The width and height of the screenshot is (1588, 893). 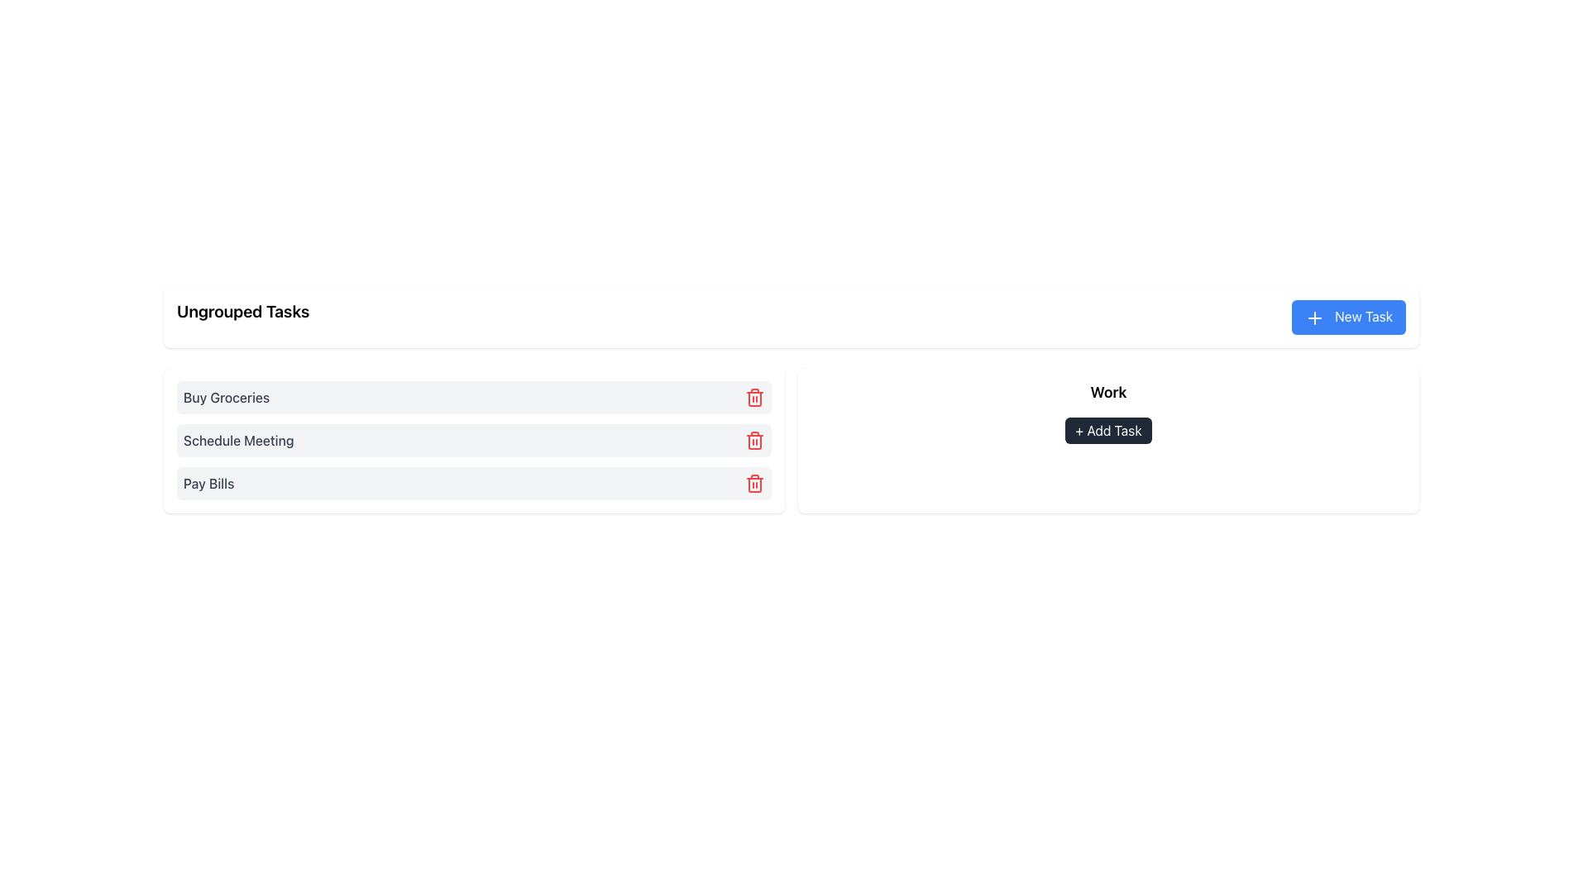 What do you see at coordinates (1313, 318) in the screenshot?
I see `the plus icon located inside the blue rectangular 'New Task' button in the upper-right area of the layout` at bounding box center [1313, 318].